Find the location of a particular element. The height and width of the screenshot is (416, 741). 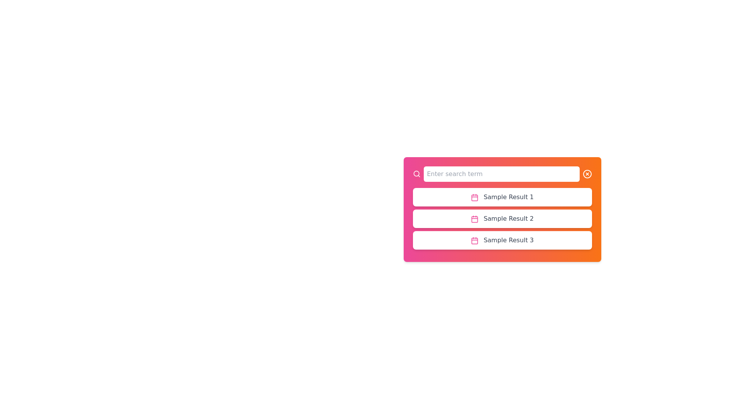

the button labeled 'Sample Result 2' with a calendar icon is located at coordinates (502, 218).